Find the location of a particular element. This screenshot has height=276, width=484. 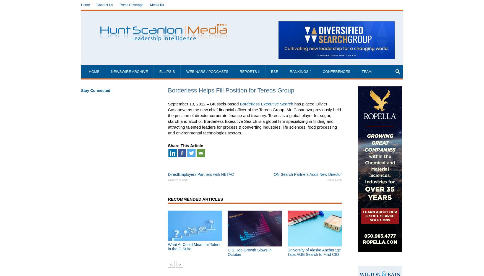

'Ellipsis' is located at coordinates (159, 71).